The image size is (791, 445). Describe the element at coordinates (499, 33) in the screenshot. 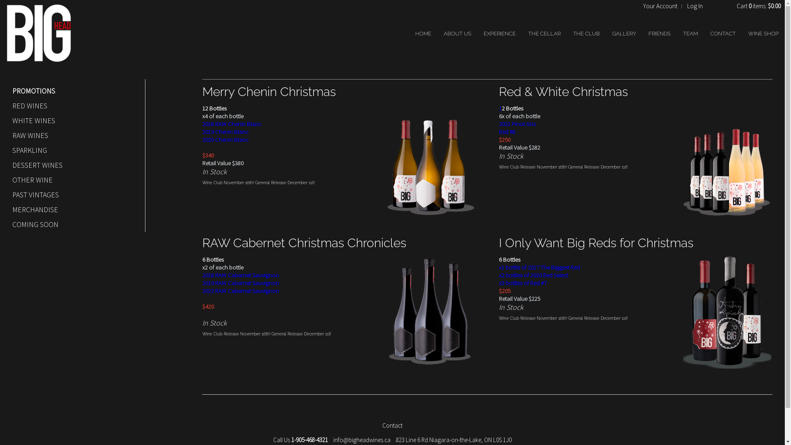

I see `'EXPERIENCE'` at that location.